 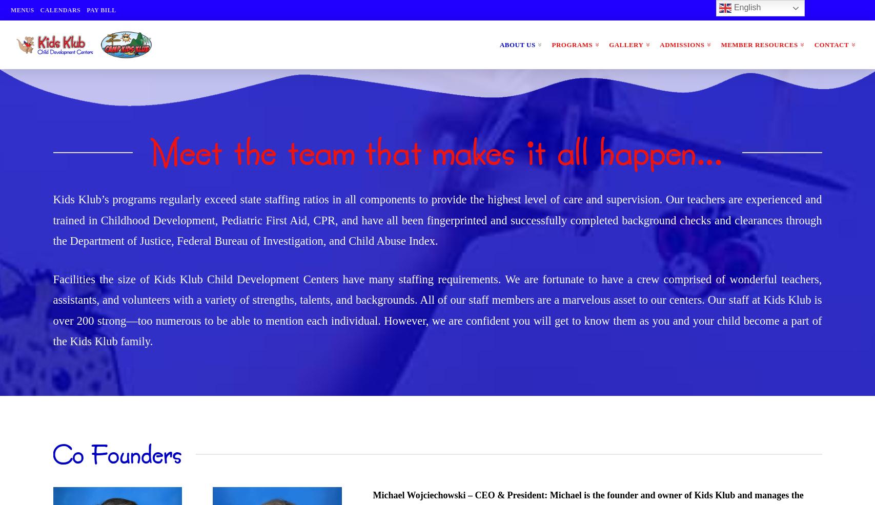 What do you see at coordinates (612, 230) in the screenshot?
I see `'Extracurricular Classes'` at bounding box center [612, 230].